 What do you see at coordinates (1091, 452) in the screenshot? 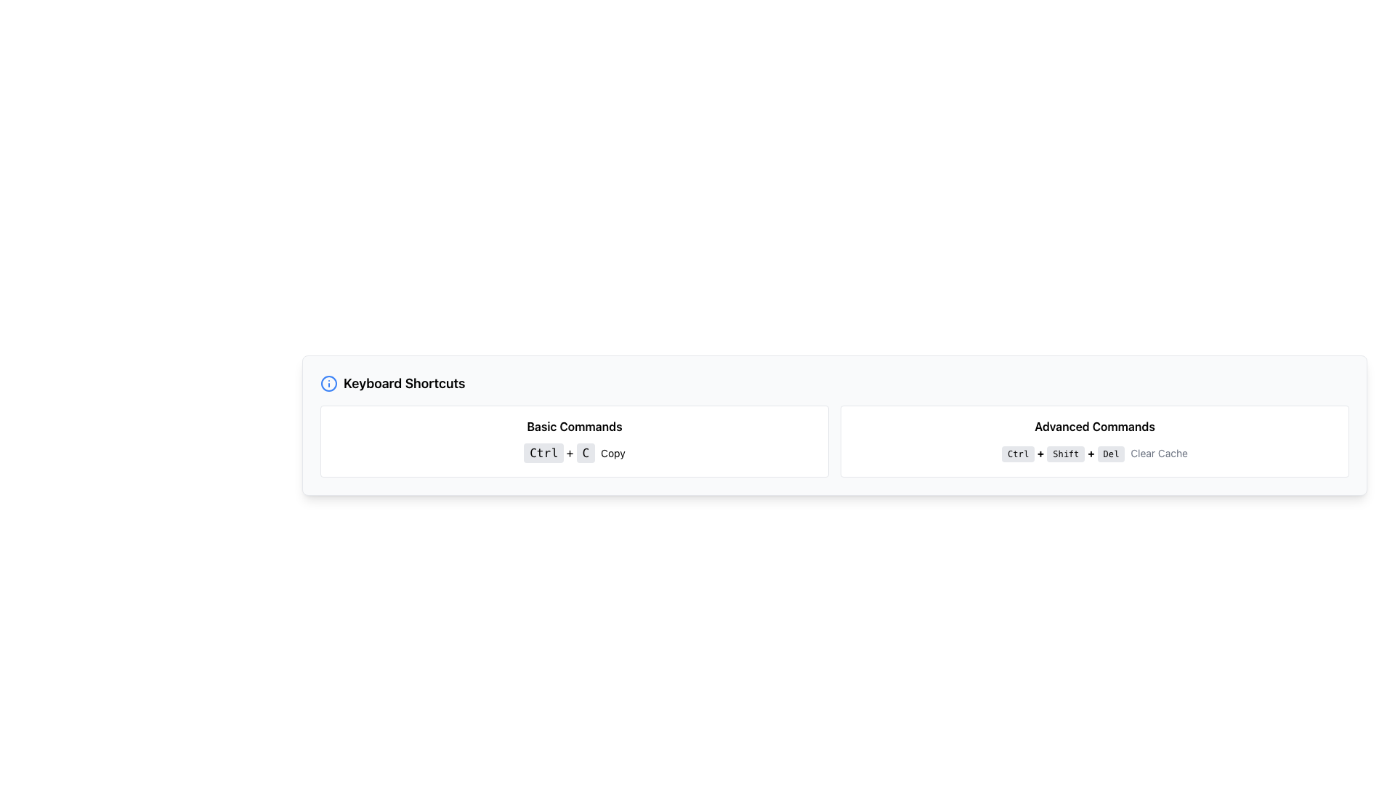
I see `the small text character '+' styled in bold font, positioned between the 'Shift' and 'Del' buttons in the 'Advanced Commands' section` at bounding box center [1091, 452].